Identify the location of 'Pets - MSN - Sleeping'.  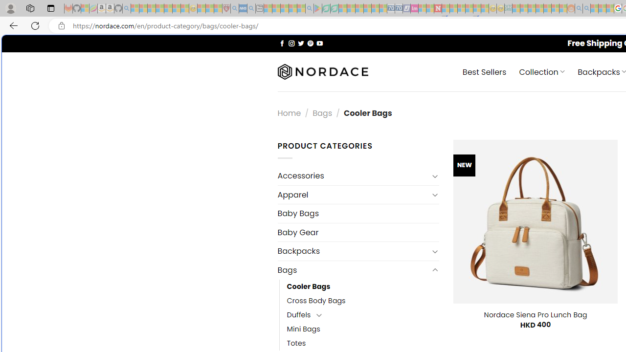
(292, 8).